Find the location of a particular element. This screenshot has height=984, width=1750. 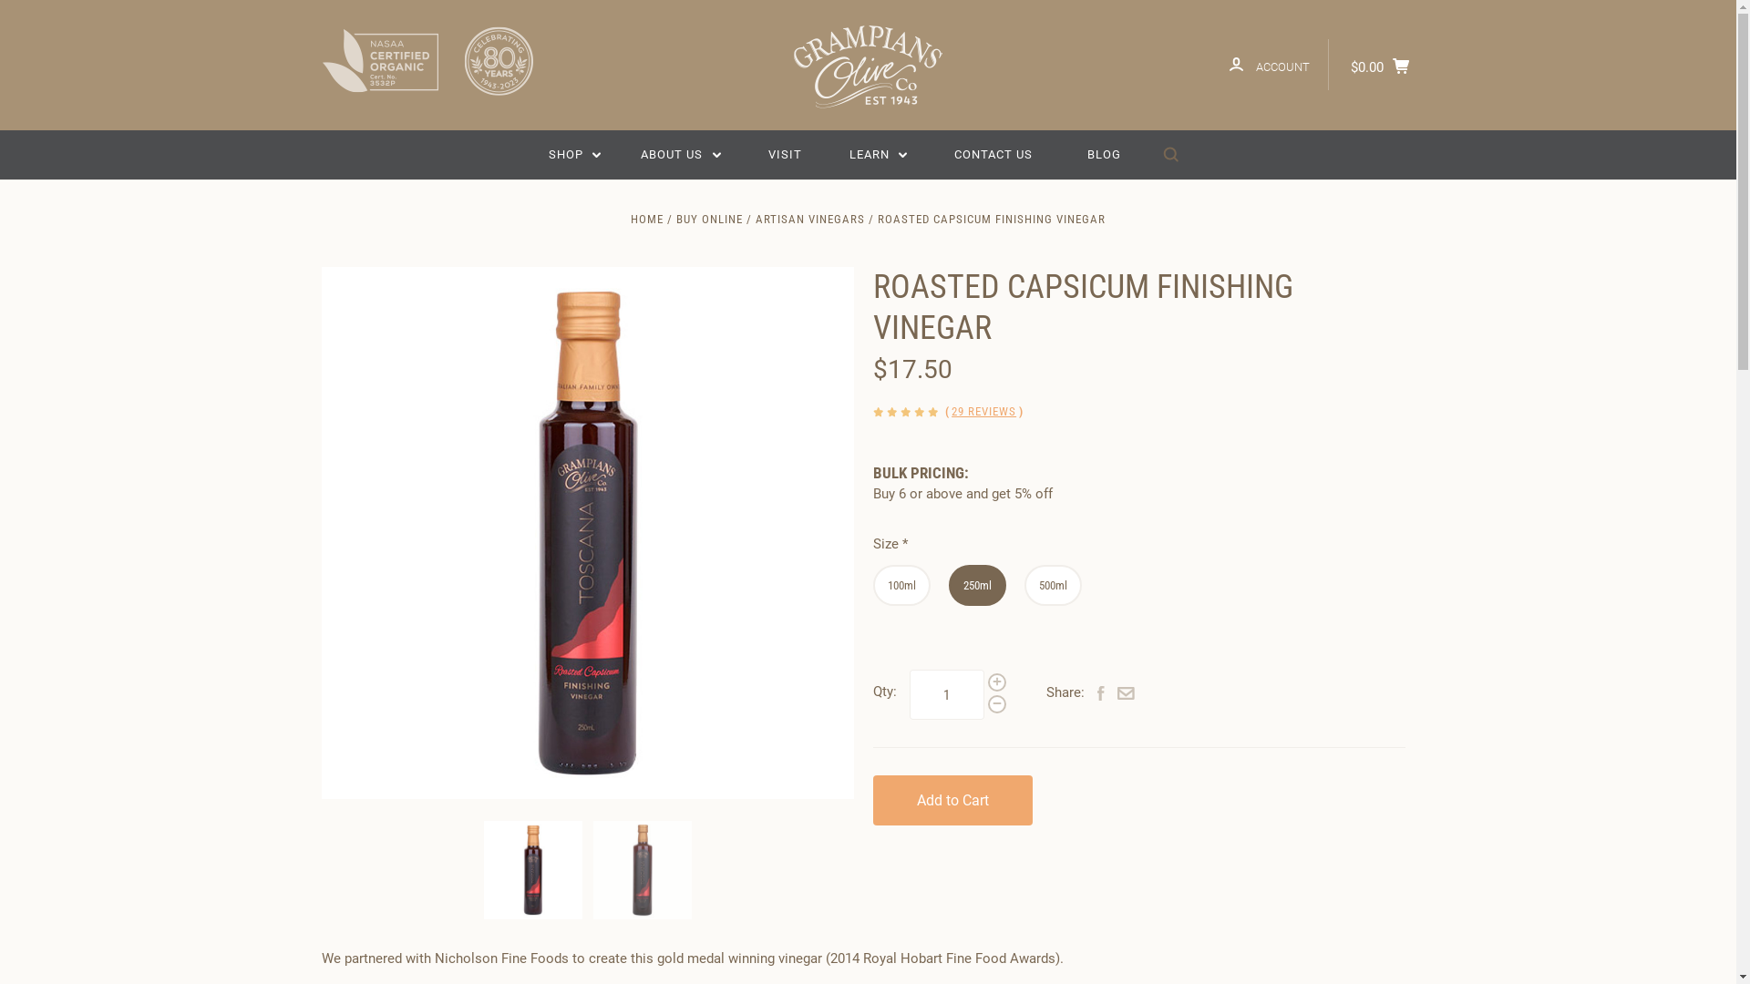

'ACCOUNT ACCOUNT' is located at coordinates (1268, 63).